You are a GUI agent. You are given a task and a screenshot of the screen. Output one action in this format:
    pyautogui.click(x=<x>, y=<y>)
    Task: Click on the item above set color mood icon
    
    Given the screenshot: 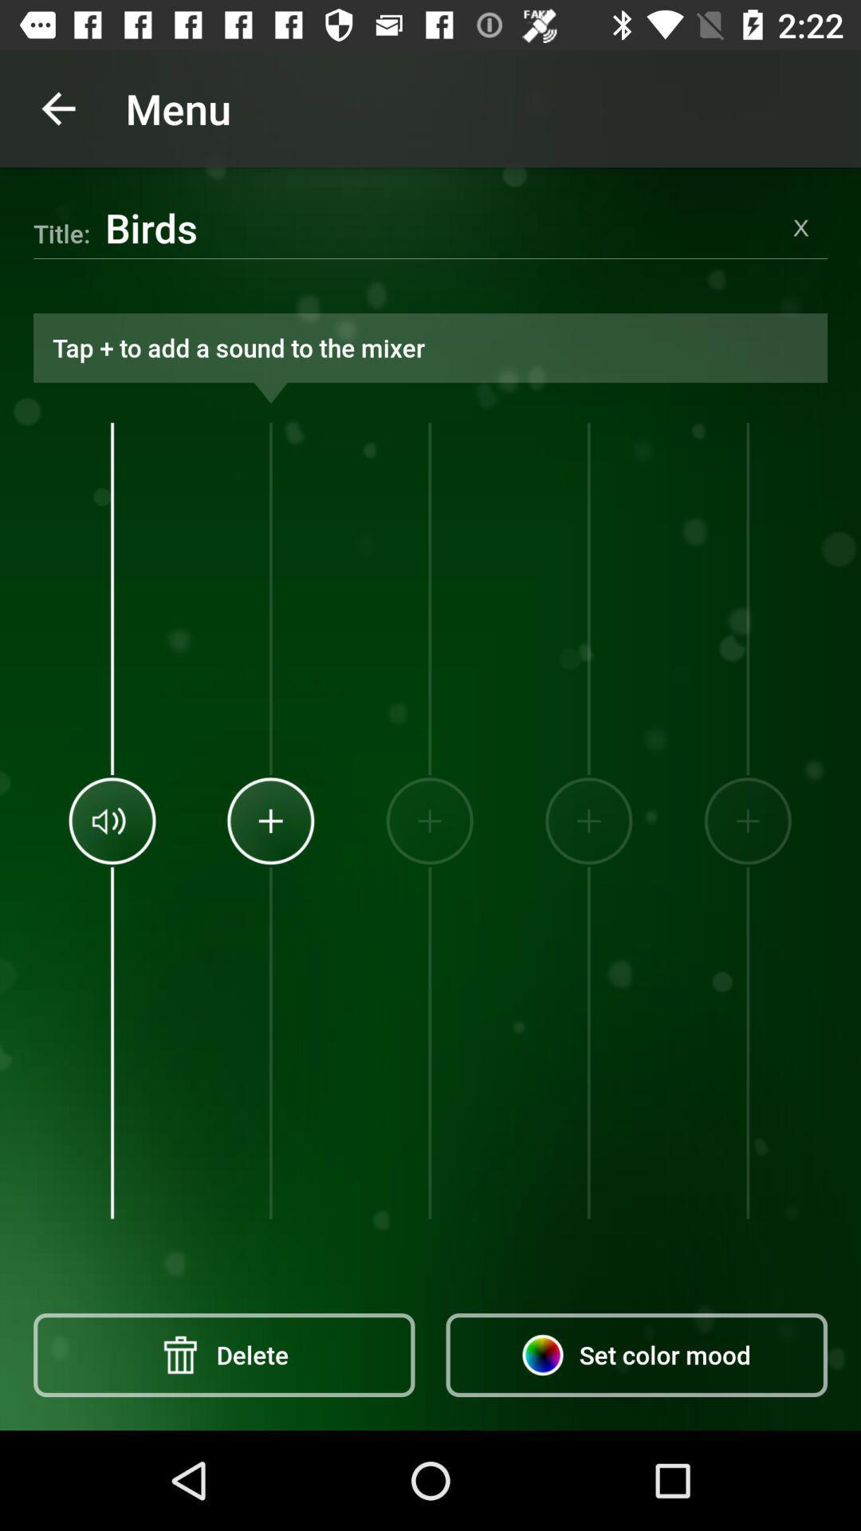 What is the action you would take?
    pyautogui.click(x=748, y=821)
    